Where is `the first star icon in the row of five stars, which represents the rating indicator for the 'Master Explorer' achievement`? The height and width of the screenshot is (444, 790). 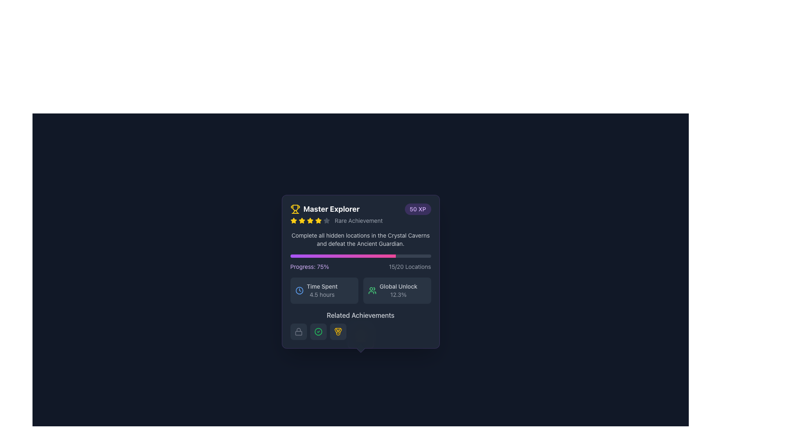 the first star icon in the row of five stars, which represents the rating indicator for the 'Master Explorer' achievement is located at coordinates (293, 220).